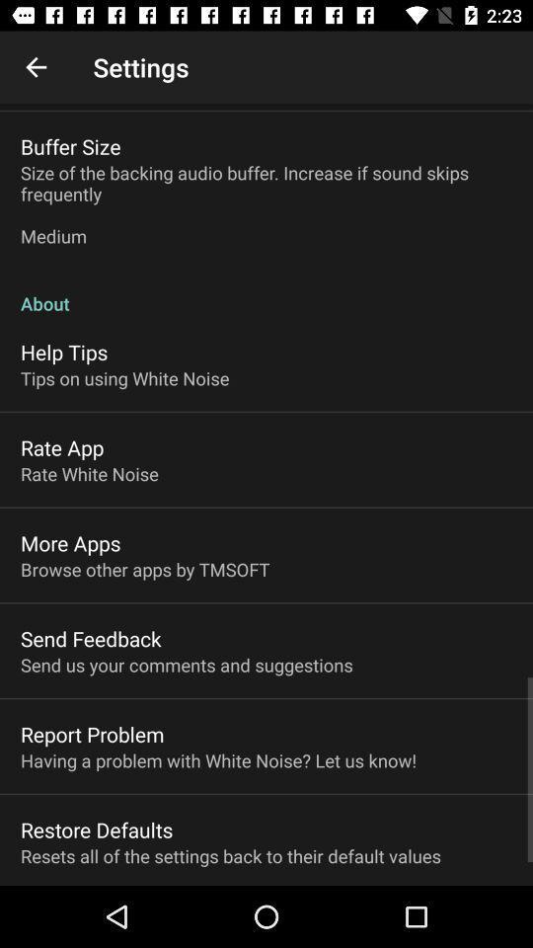 The height and width of the screenshot is (948, 533). Describe the element at coordinates (229, 854) in the screenshot. I see `the icon below restore defaults item` at that location.